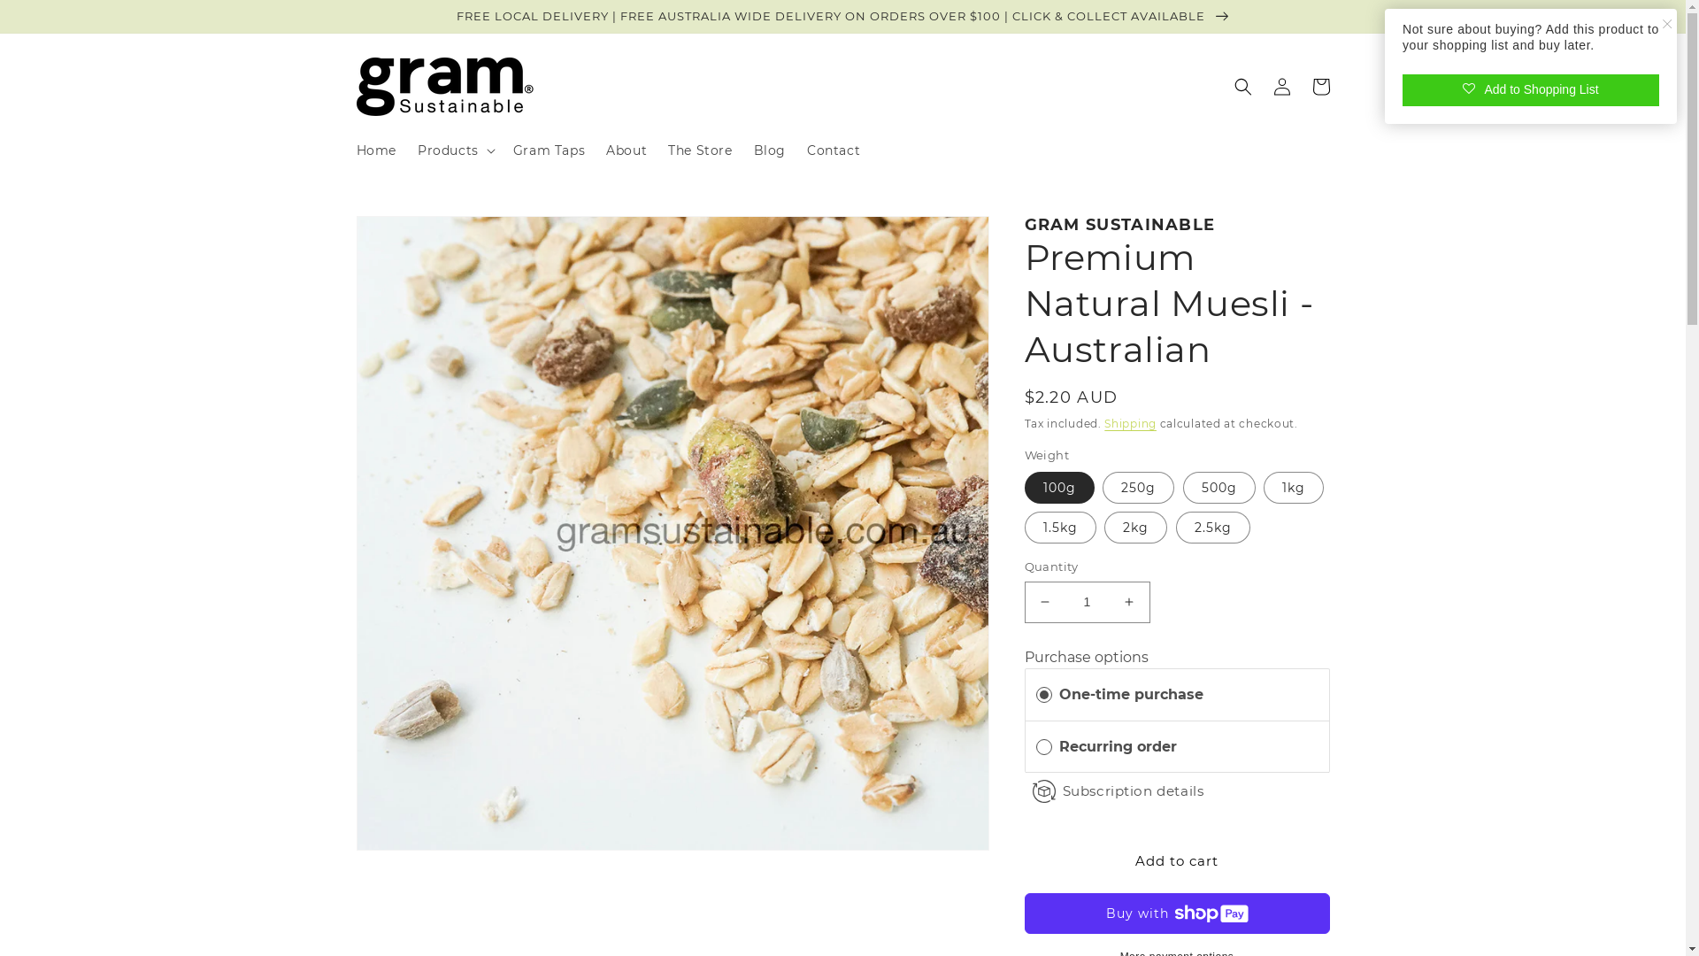  What do you see at coordinates (374, 149) in the screenshot?
I see `'Home'` at bounding box center [374, 149].